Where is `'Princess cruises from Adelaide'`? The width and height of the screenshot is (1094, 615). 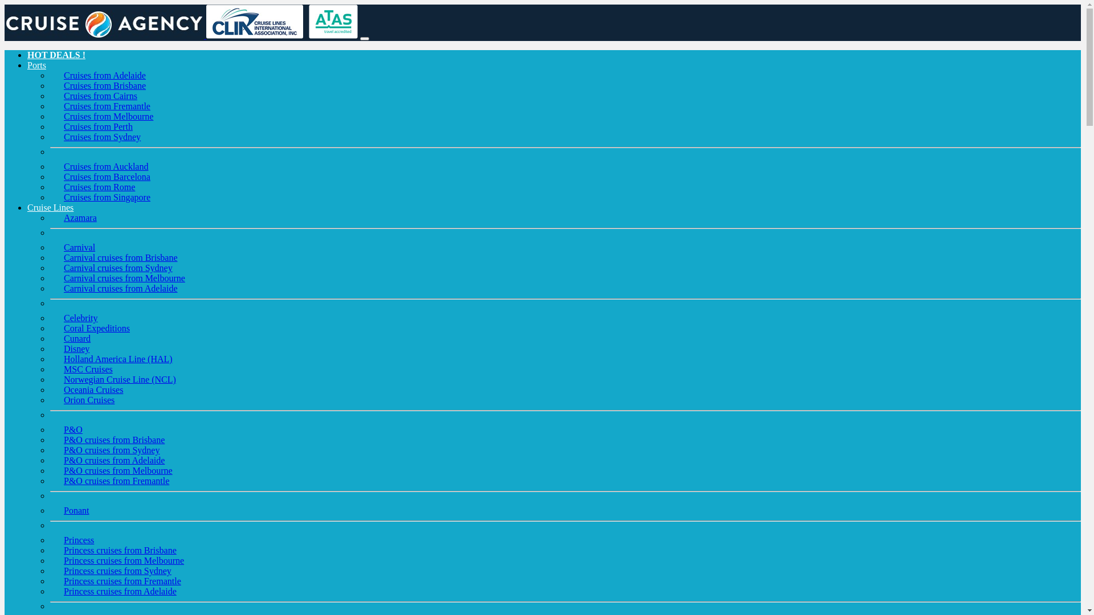
'Princess cruises from Adelaide' is located at coordinates (120, 591).